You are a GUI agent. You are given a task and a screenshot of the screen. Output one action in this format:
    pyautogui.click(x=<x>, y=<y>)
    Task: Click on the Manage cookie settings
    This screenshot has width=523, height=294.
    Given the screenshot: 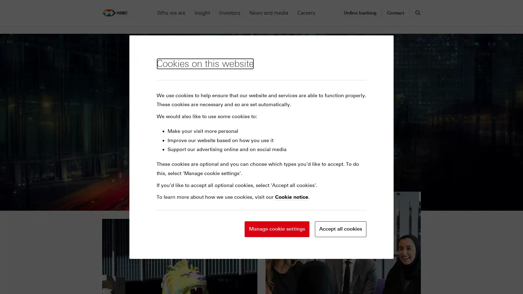 What is the action you would take?
    pyautogui.click(x=277, y=229)
    